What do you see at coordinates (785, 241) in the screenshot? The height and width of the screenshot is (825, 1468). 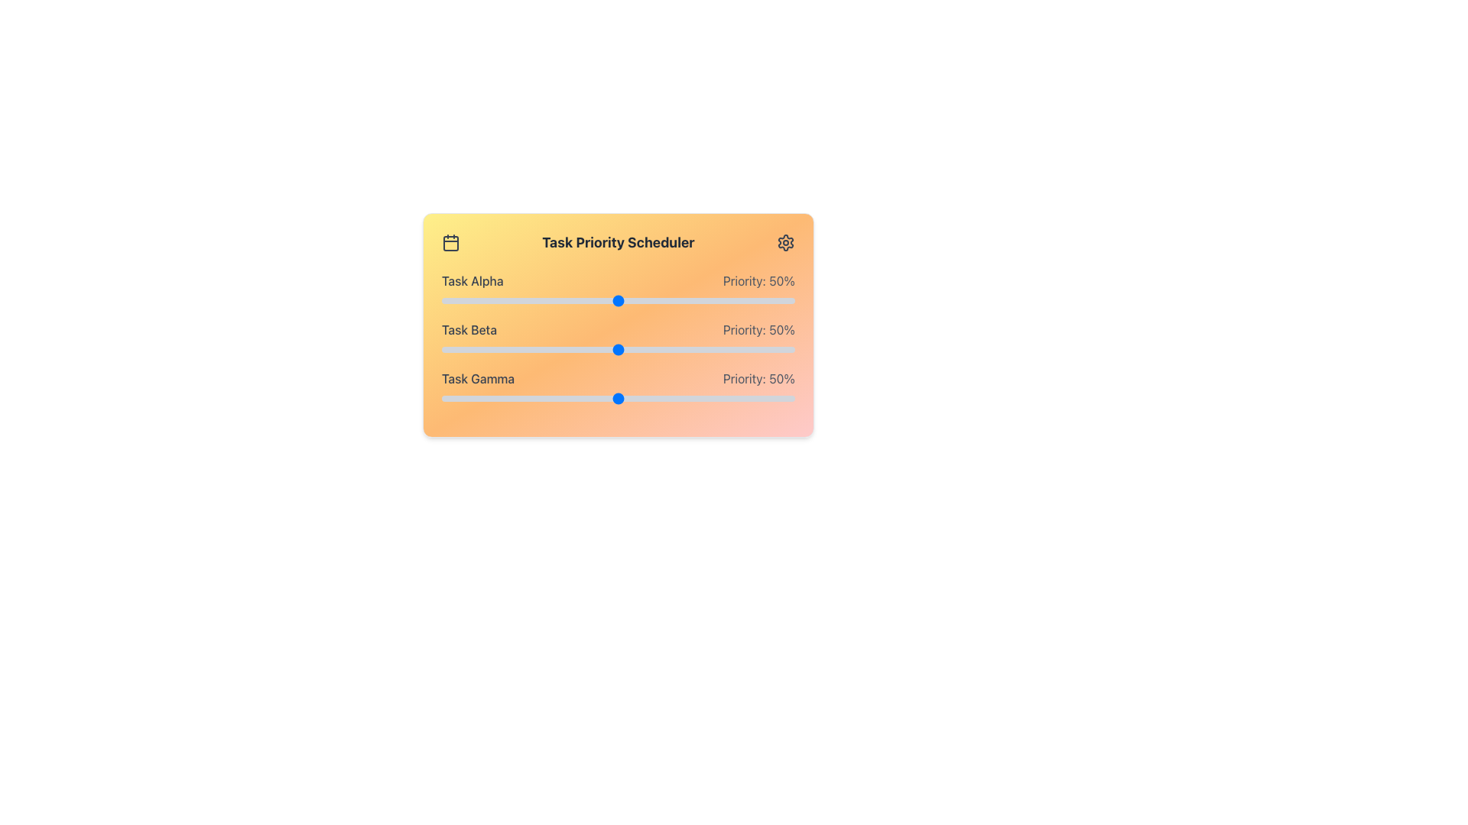 I see `the gear-shaped icon located in the top-right corner of the interface header` at bounding box center [785, 241].